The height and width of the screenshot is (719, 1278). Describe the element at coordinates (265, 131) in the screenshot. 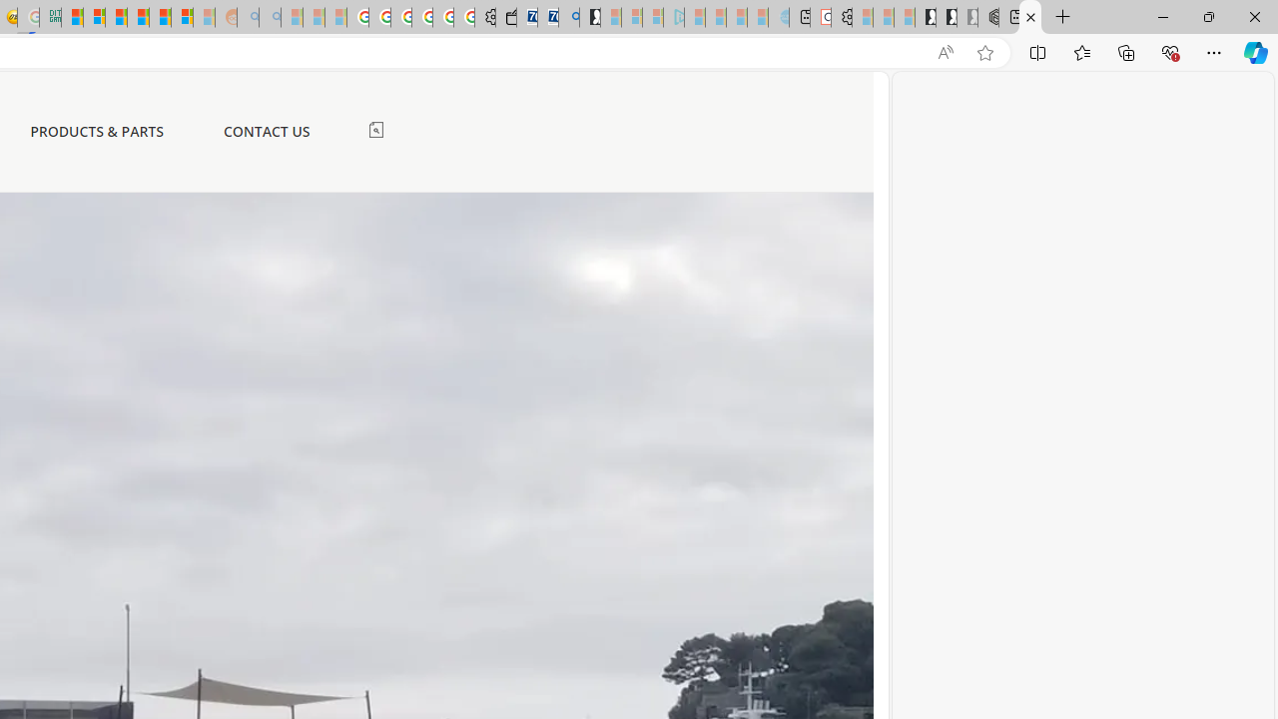

I see `'CONTACT US'` at that location.